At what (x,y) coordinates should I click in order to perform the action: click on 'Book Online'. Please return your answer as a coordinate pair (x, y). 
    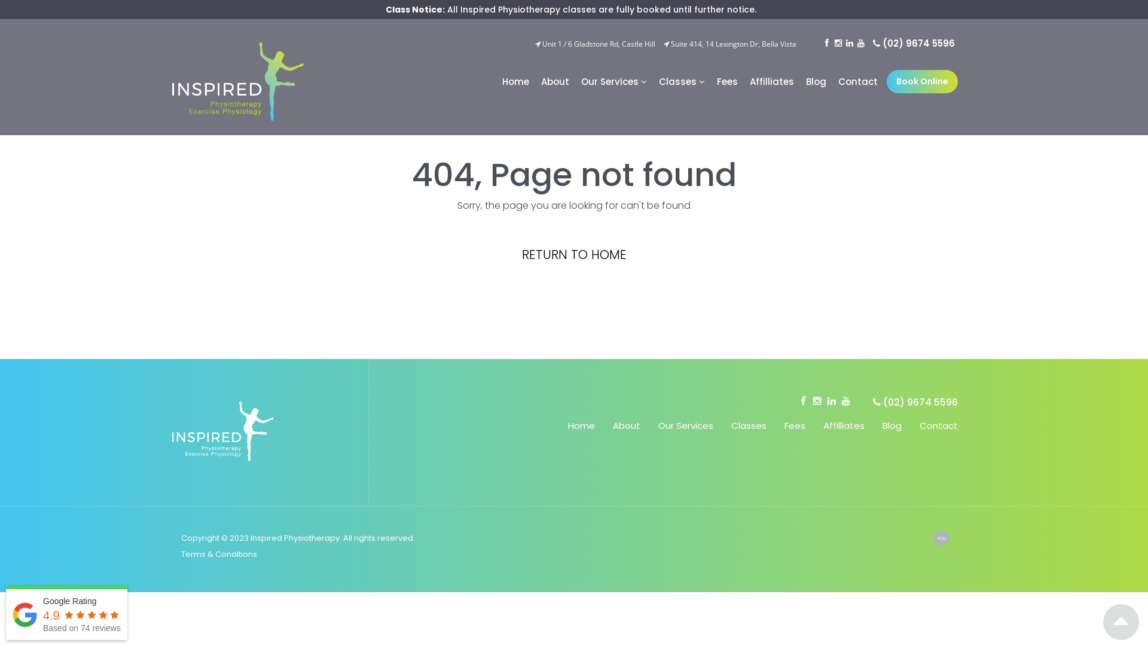
    Looking at the image, I should click on (921, 81).